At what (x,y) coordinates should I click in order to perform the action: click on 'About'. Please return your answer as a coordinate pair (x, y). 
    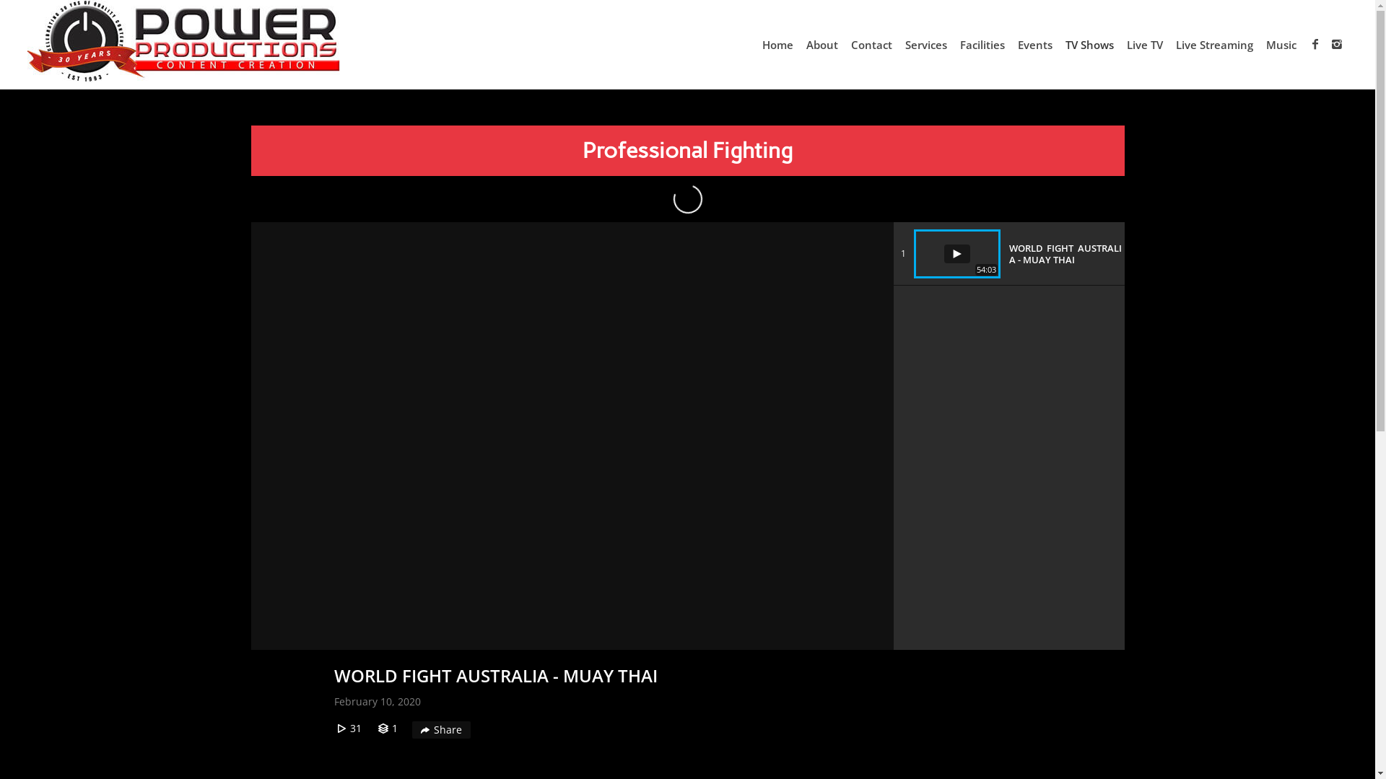
    Looking at the image, I should click on (821, 43).